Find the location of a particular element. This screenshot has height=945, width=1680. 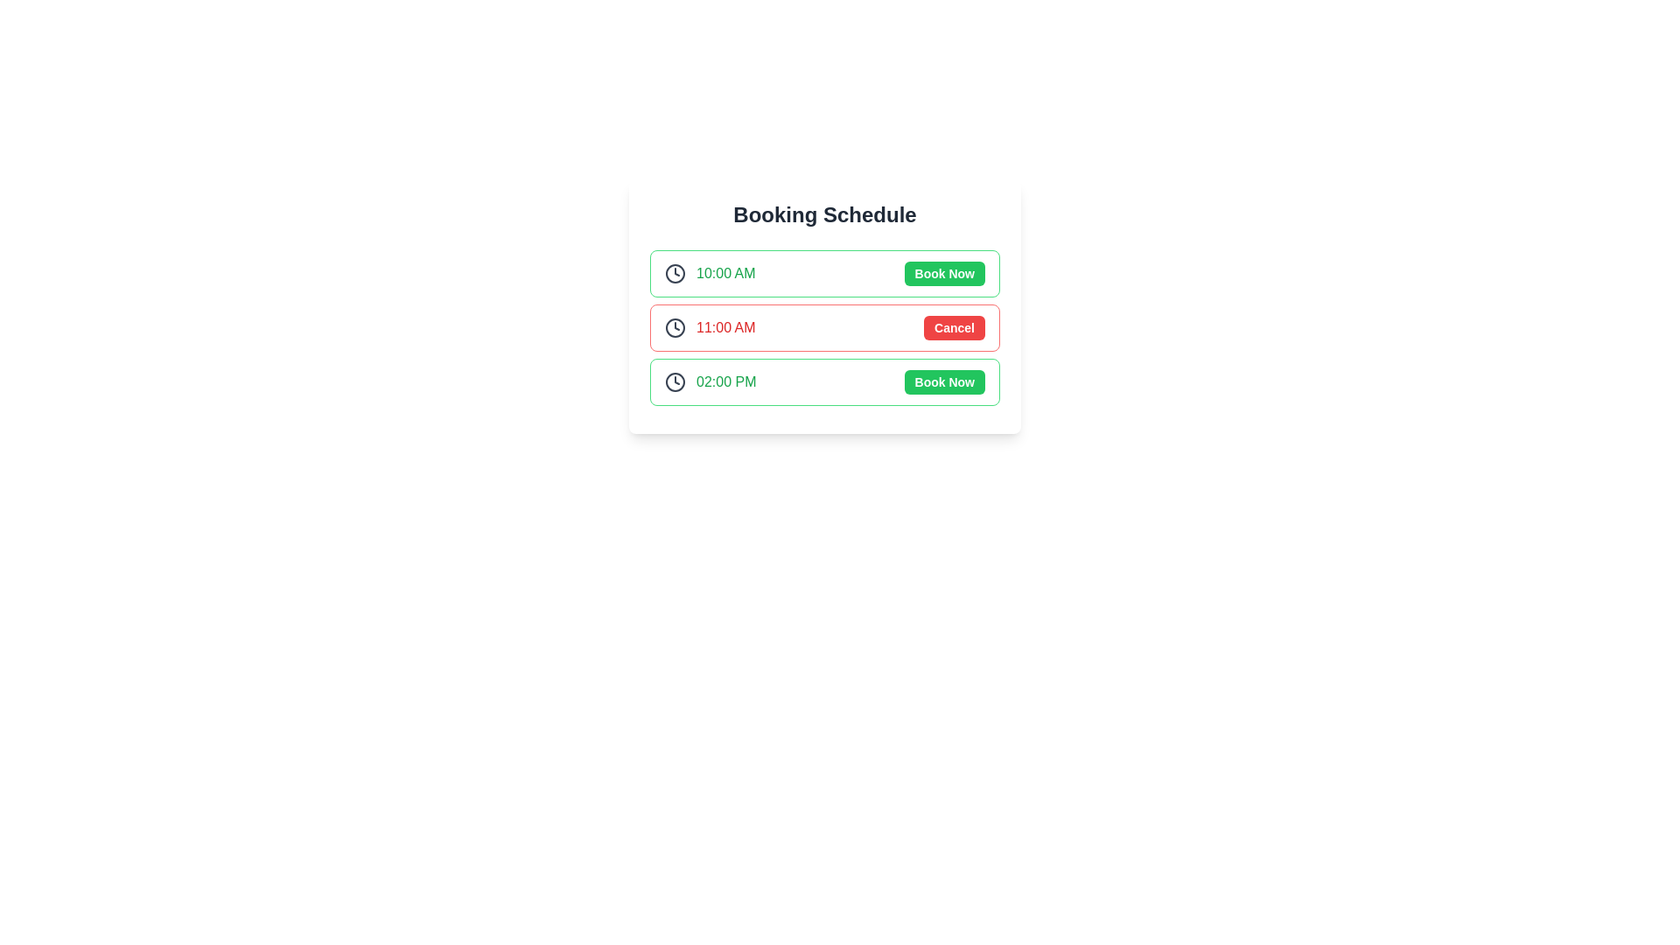

the Text with Icon displaying '02:00 PM' which includes a clock icon and is located within the third item of the list of time slots for booking schedules is located at coordinates (710, 381).